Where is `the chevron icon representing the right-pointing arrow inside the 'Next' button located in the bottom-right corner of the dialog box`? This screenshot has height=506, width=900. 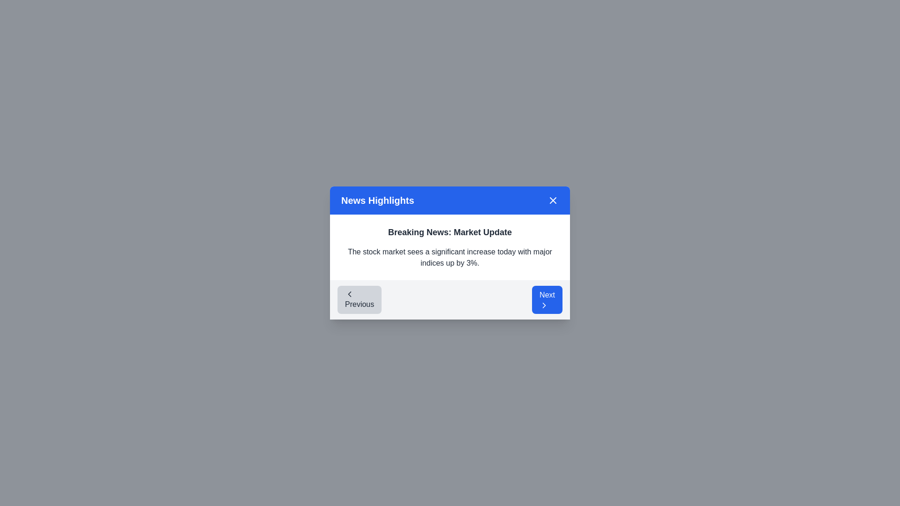 the chevron icon representing the right-pointing arrow inside the 'Next' button located in the bottom-right corner of the dialog box is located at coordinates (544, 305).